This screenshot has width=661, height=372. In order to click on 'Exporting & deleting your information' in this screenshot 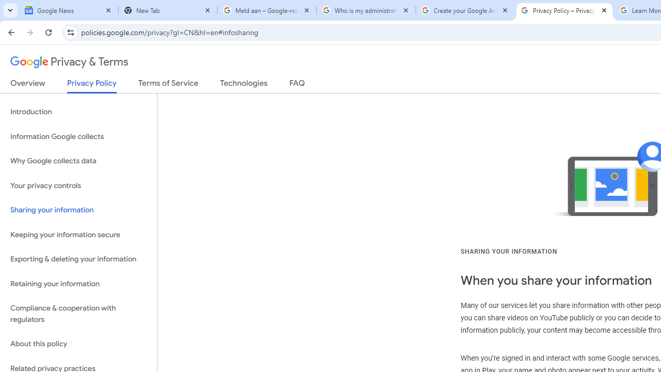, I will do `click(78, 259)`.